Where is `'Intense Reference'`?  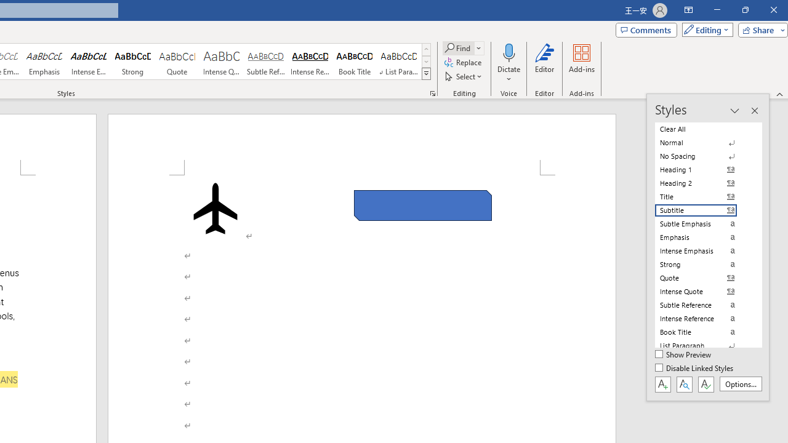 'Intense Reference' is located at coordinates (310, 62).